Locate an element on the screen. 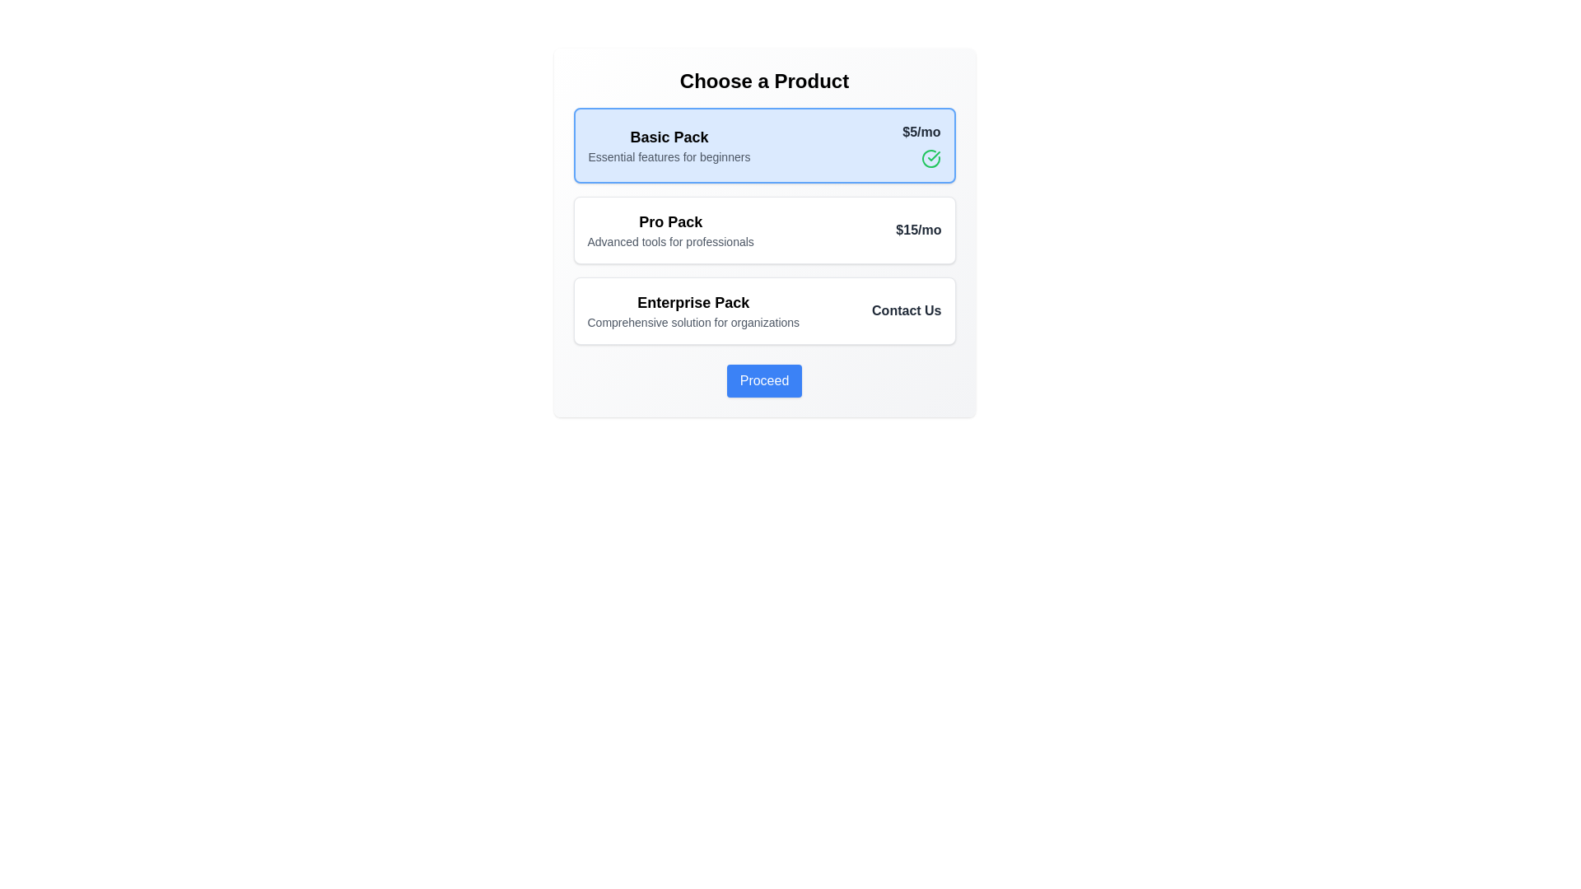  the label displaying 'Pro Pack', which consists of bold, larger text followed by a smaller description, located in the second option of the vertical list of product options is located at coordinates (670, 230).